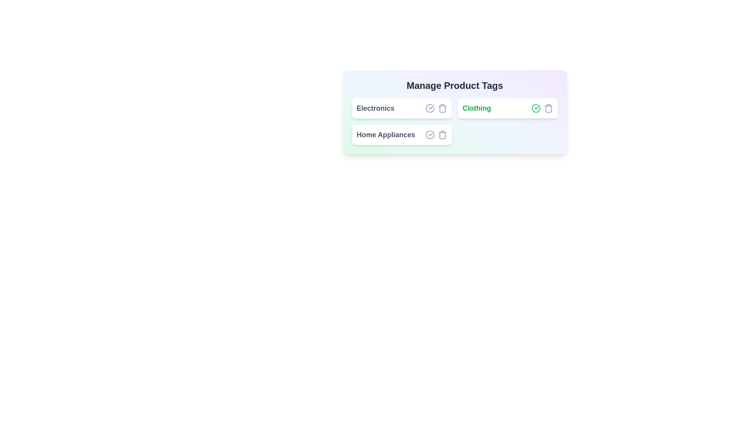 The height and width of the screenshot is (421, 748). I want to click on the tag 'Electronics' by clicking its toggle button, so click(429, 108).